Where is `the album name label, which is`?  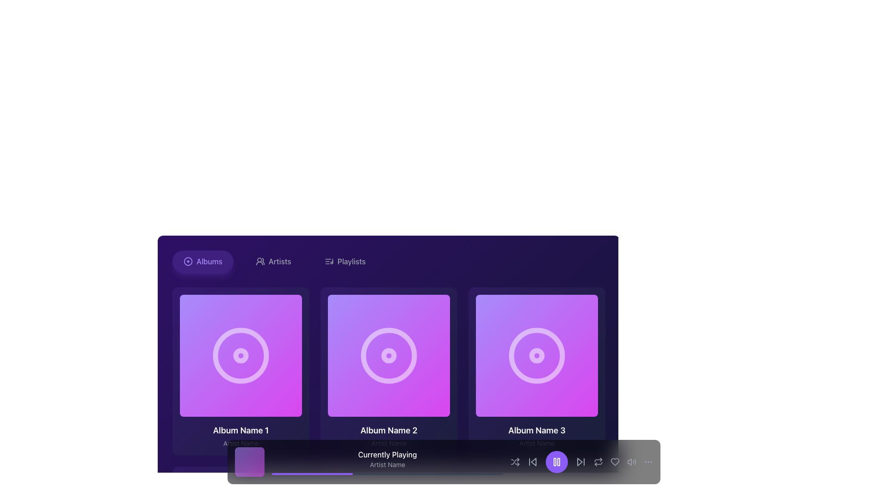
the album name label, which is is located at coordinates (241, 431).